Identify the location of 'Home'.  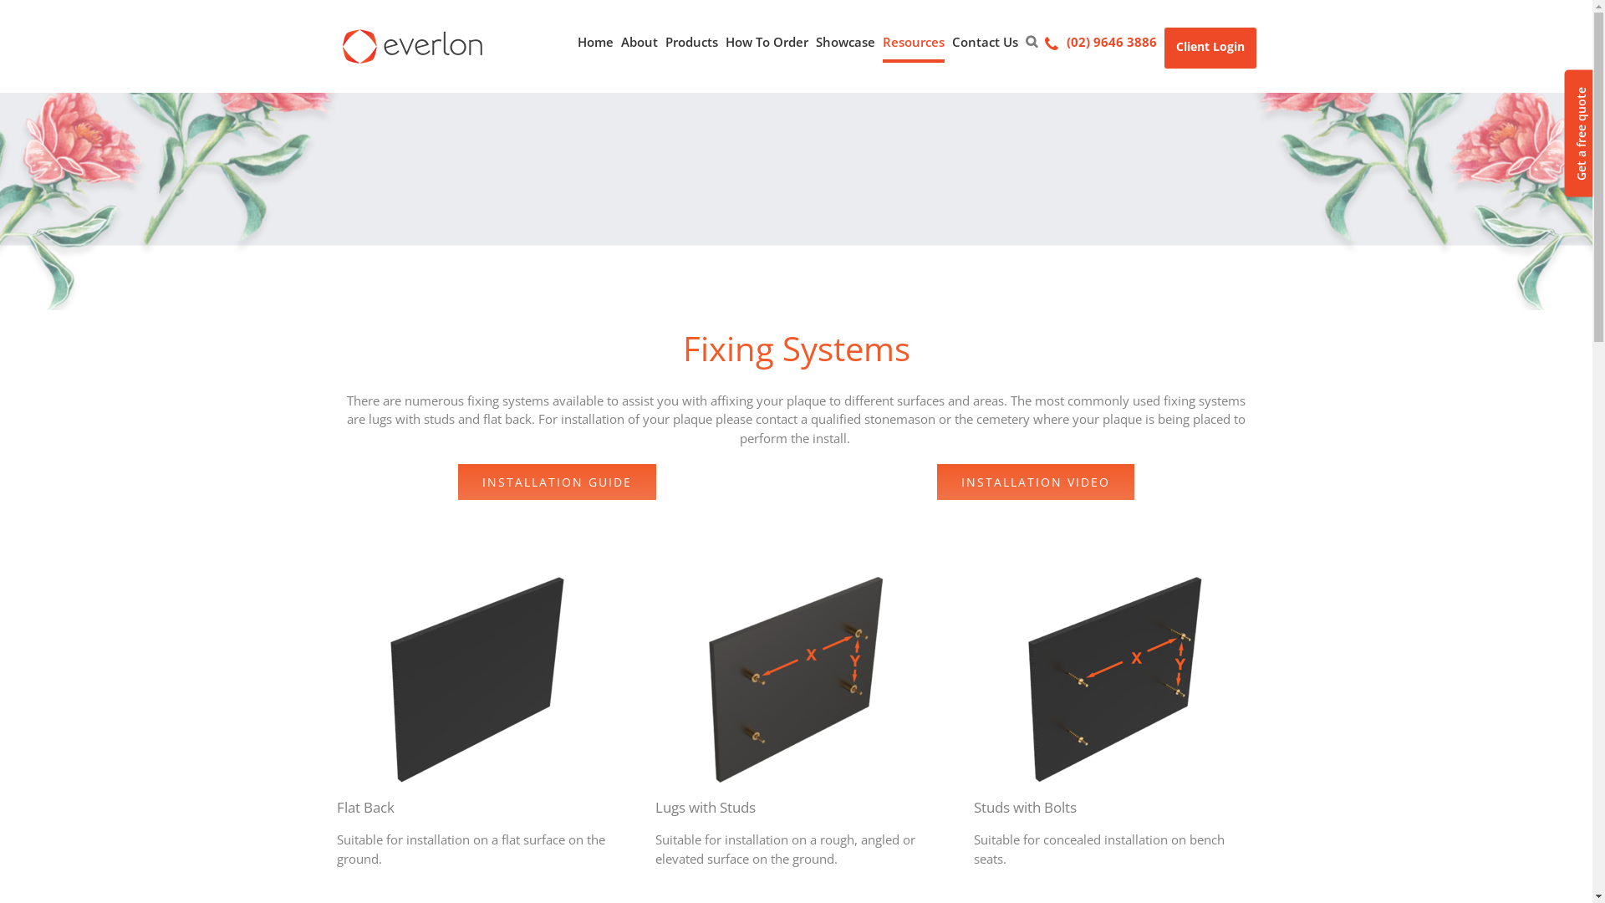
(594, 42).